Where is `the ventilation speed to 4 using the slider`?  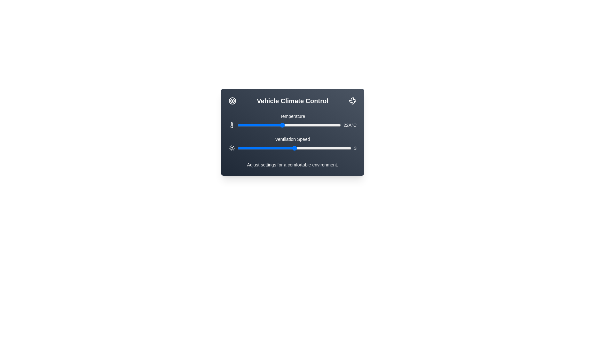 the ventilation speed to 4 using the slider is located at coordinates (323, 148).